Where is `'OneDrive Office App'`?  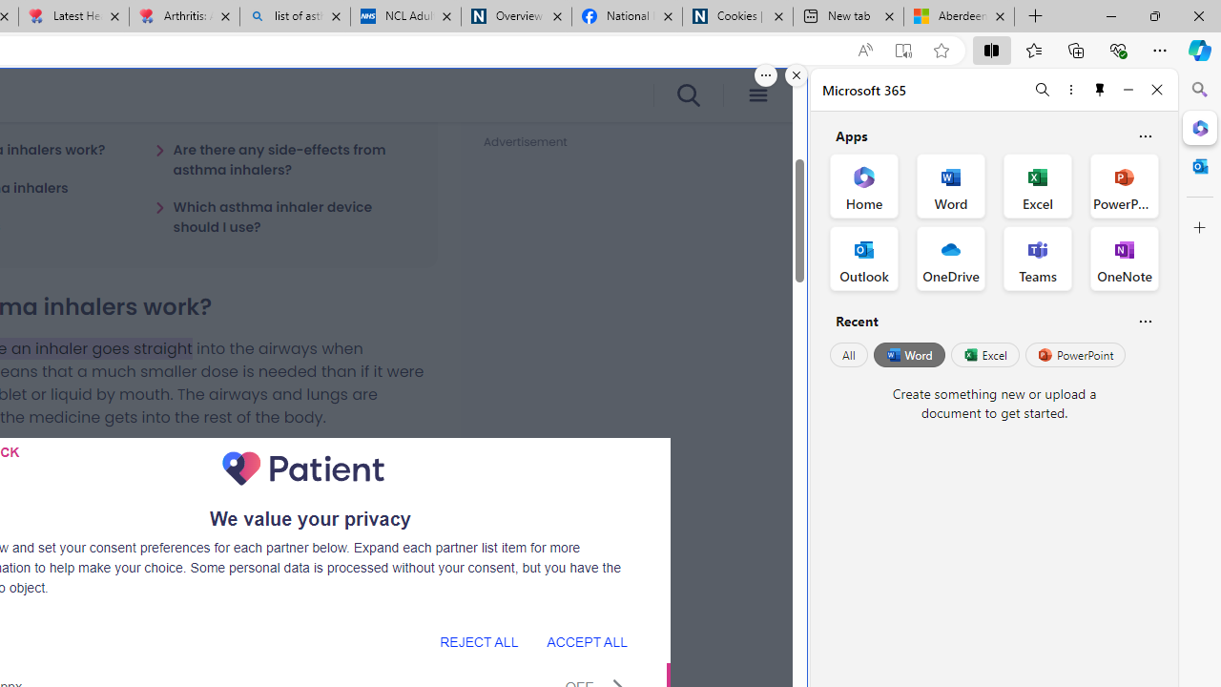
'OneDrive Office App' is located at coordinates (951, 259).